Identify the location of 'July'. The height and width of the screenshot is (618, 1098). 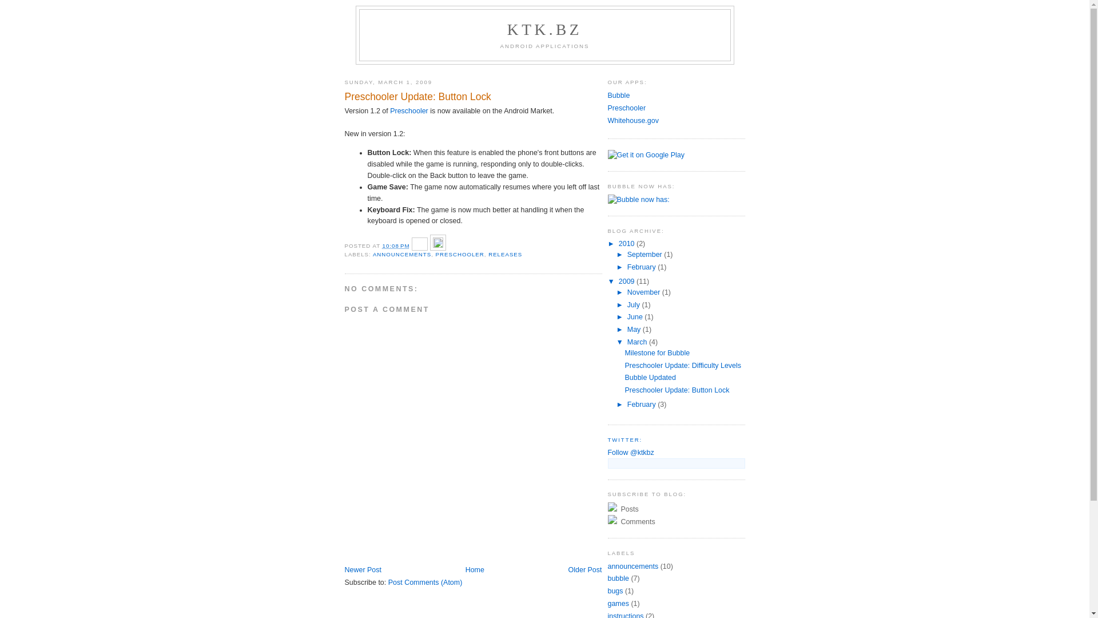
(634, 304).